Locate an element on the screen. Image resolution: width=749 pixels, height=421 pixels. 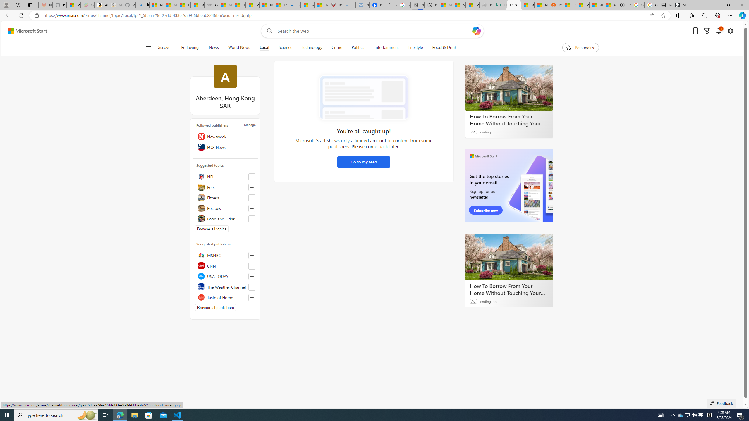
'Follow this source' is located at coordinates (252, 298).